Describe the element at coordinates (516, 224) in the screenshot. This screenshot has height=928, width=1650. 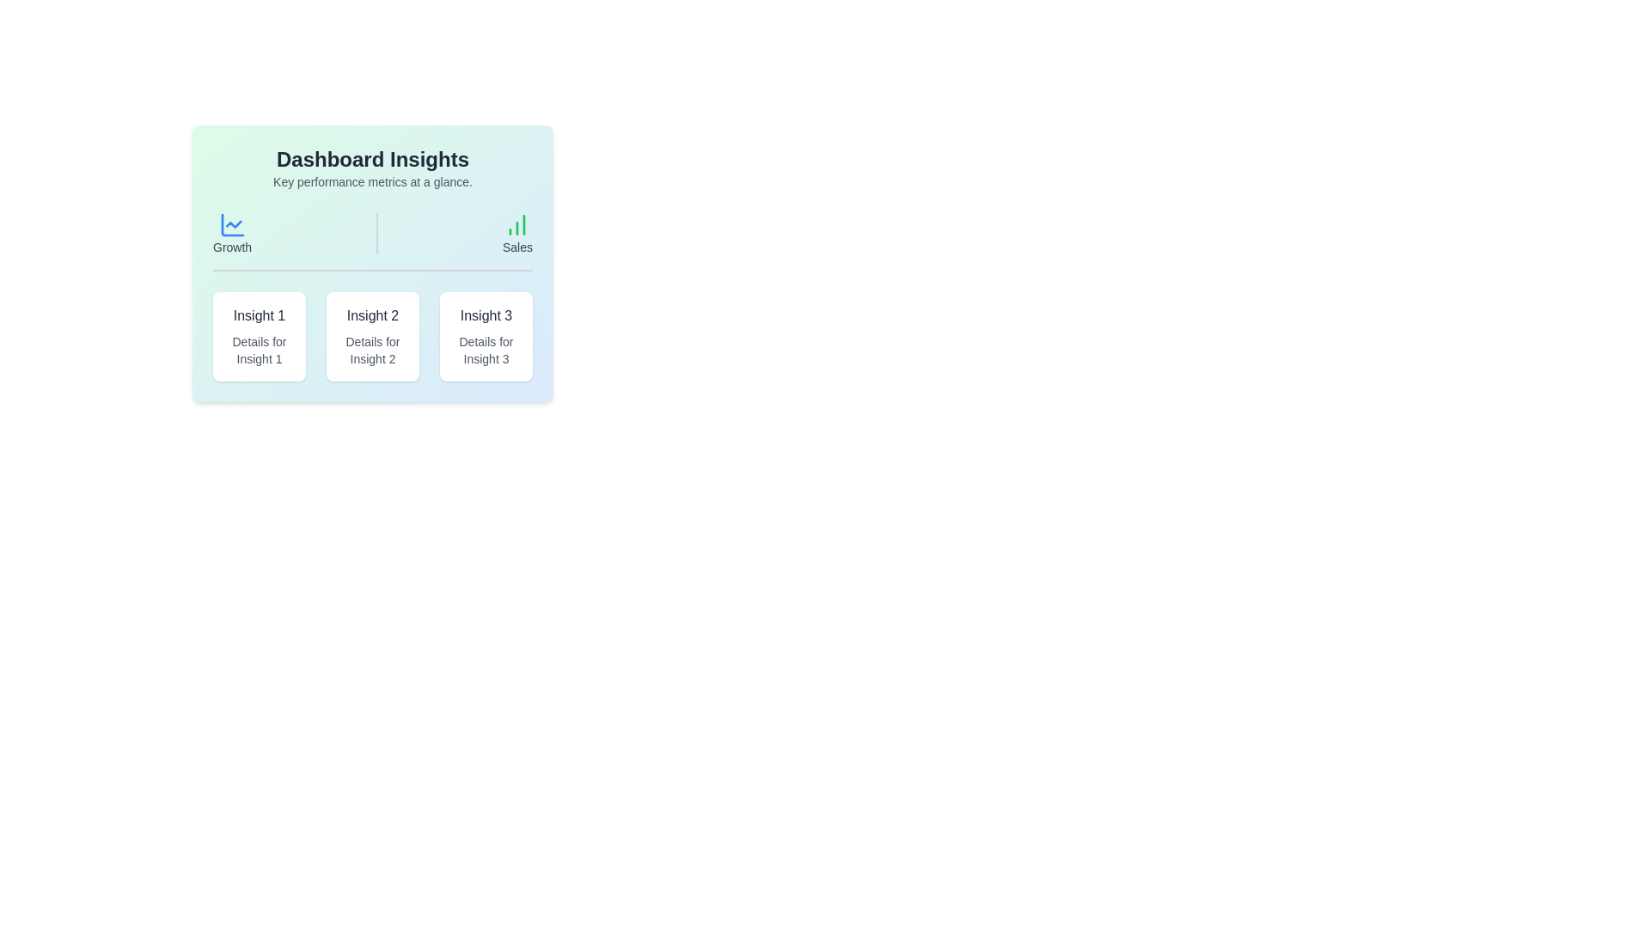
I see `the 'Sales' icon, which visually represents sales data using a column chart, located in the top-right section of the 'Dashboard Insights' card` at that location.